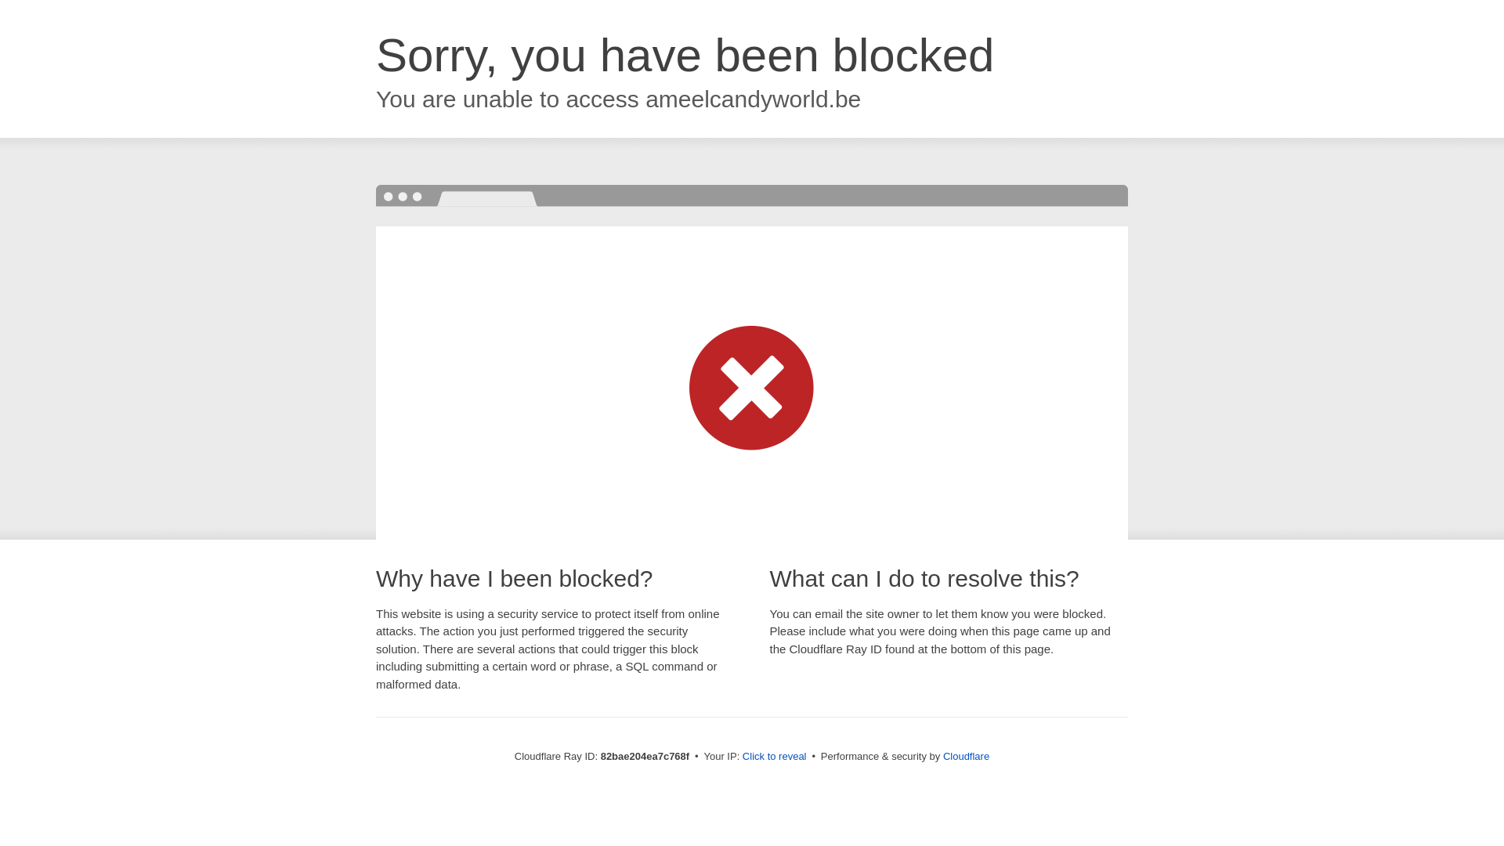 This screenshot has width=1504, height=846. I want to click on 'Cloudflare', so click(965, 755).